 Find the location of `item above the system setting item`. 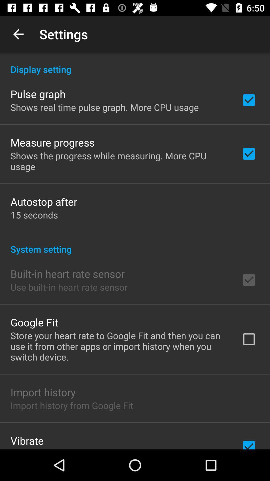

item above the system setting item is located at coordinates (34, 215).